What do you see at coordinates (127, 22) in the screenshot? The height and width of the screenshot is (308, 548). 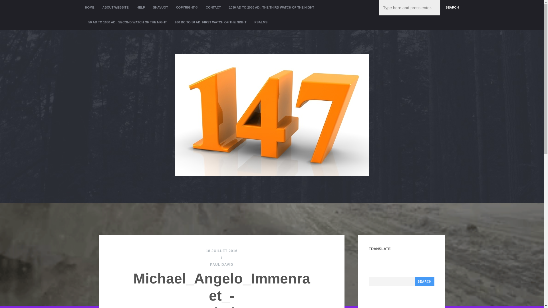 I see `'50 AD TO 1030 AD : SECOND WATCH OF THE NIGHT'` at bounding box center [127, 22].